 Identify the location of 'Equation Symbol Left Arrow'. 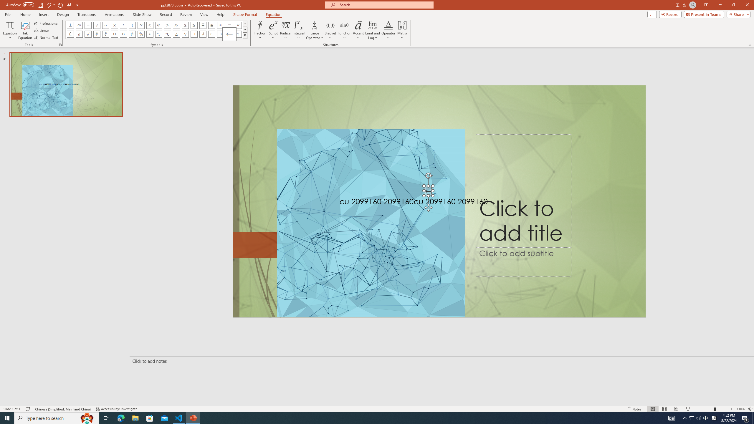
(229, 34).